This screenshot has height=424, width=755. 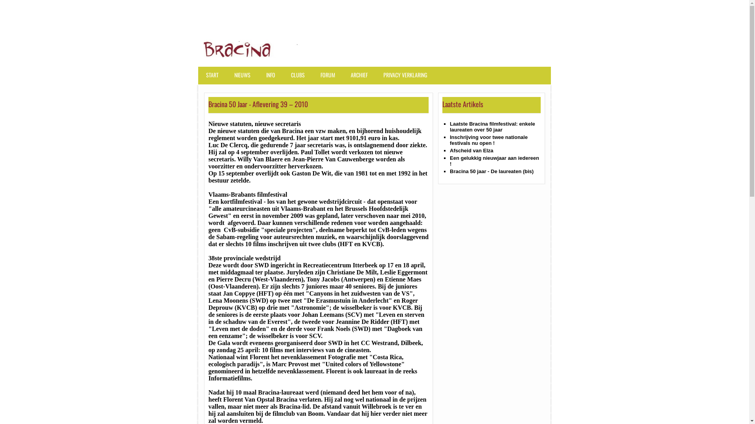 I want to click on 'NIEUWS', so click(x=231, y=79).